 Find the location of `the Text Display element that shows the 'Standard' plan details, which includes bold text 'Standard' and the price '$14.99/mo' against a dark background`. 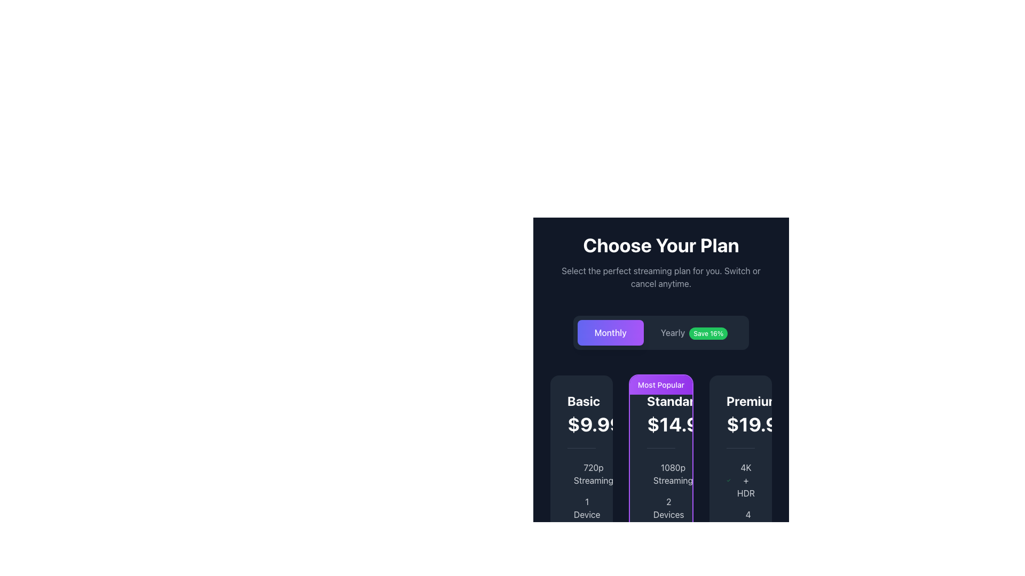

the Text Display element that shows the 'Standard' plan details, which includes bold text 'Standard' and the price '$14.99/mo' against a dark background is located at coordinates (660, 413).